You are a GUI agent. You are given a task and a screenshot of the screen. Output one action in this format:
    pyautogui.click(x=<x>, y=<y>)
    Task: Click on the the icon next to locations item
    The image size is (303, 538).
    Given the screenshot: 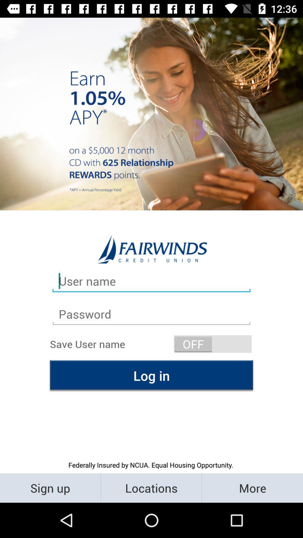 What is the action you would take?
    pyautogui.click(x=252, y=488)
    